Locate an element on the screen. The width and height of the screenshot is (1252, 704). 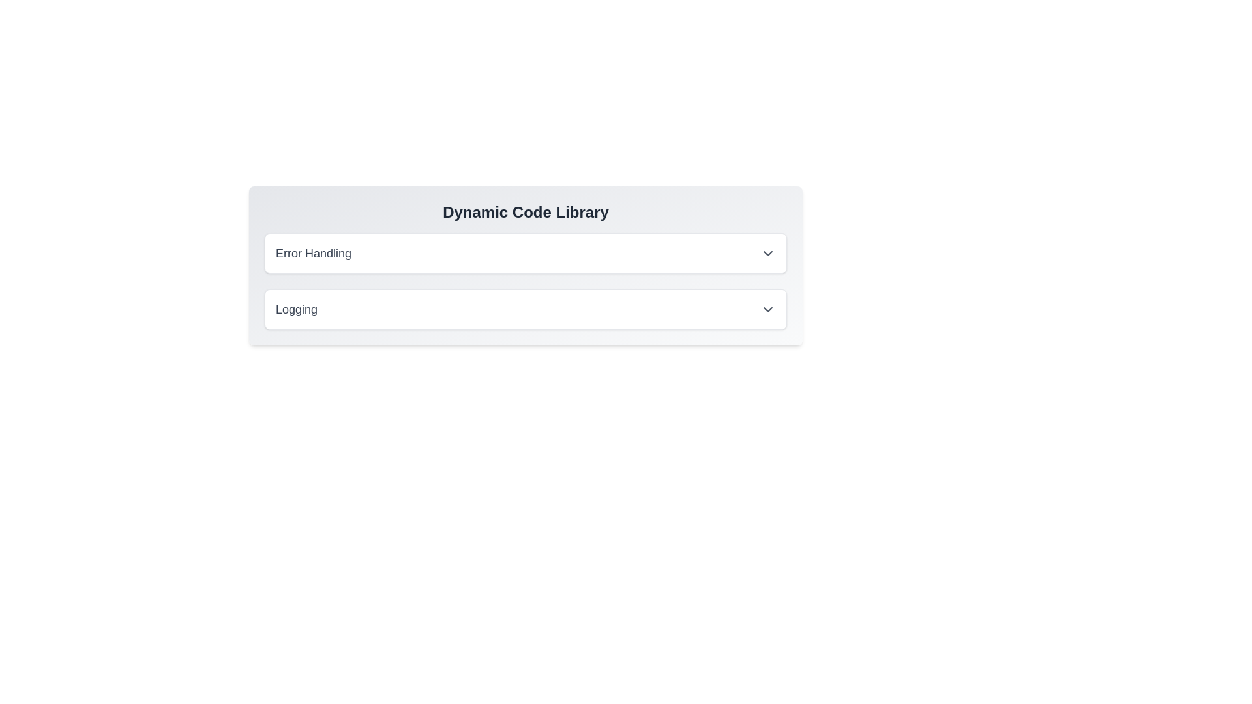
the Dropdown indicator icon located at the far-right end of the row containing the 'Logging' label is located at coordinates (768, 309).